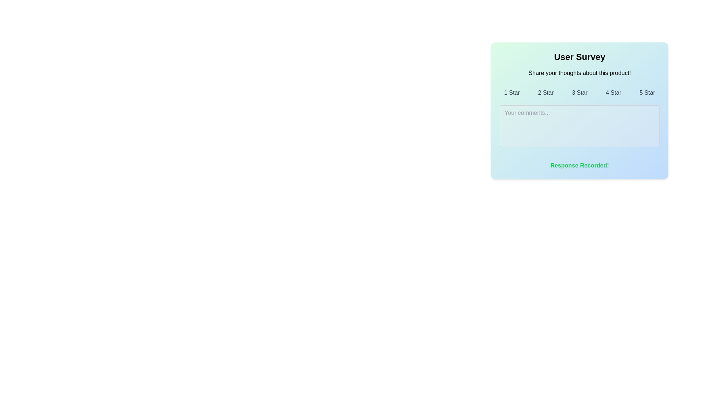 The height and width of the screenshot is (395, 702). What do you see at coordinates (614, 93) in the screenshot?
I see `the '4 Star' button` at bounding box center [614, 93].